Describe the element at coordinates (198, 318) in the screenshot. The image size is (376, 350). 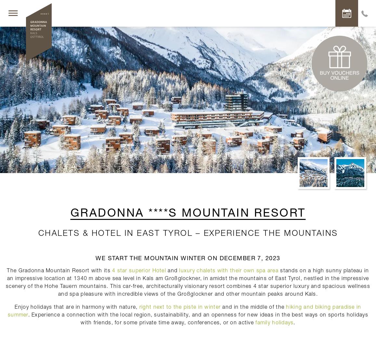
I see `'. Experience a connection with the local region, sustainability, and an openness for new ideas in the best ways on sports holidays with friends, for some private time away, conferences, or on active'` at that location.